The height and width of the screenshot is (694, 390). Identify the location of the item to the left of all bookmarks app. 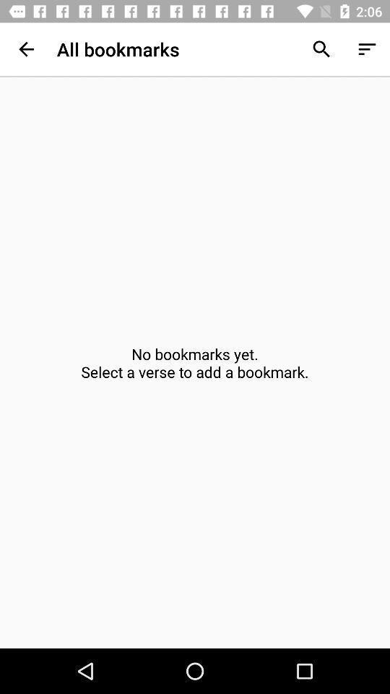
(26, 49).